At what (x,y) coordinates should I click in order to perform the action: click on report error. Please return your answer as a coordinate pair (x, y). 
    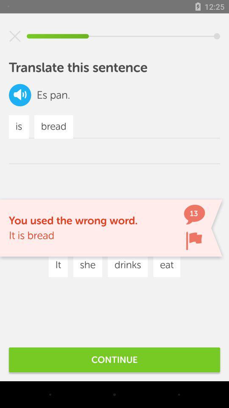
    Looking at the image, I should click on (194, 241).